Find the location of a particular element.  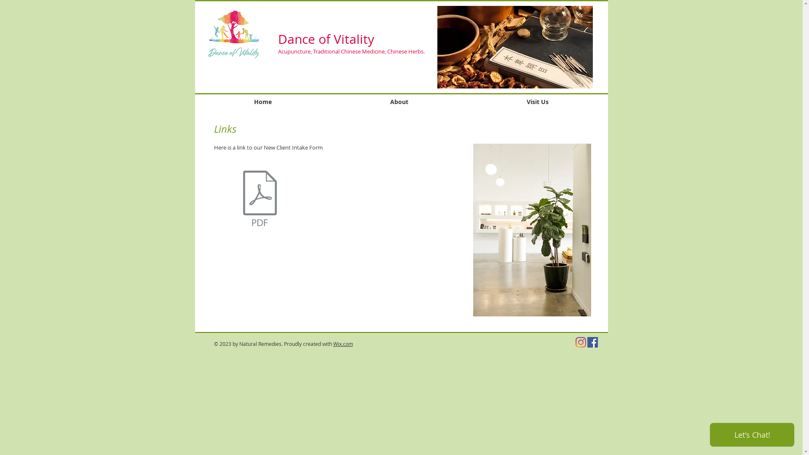

'Acupuncture, Traditional Chinese Medicine, Chinese Herbs.' is located at coordinates (278, 51).